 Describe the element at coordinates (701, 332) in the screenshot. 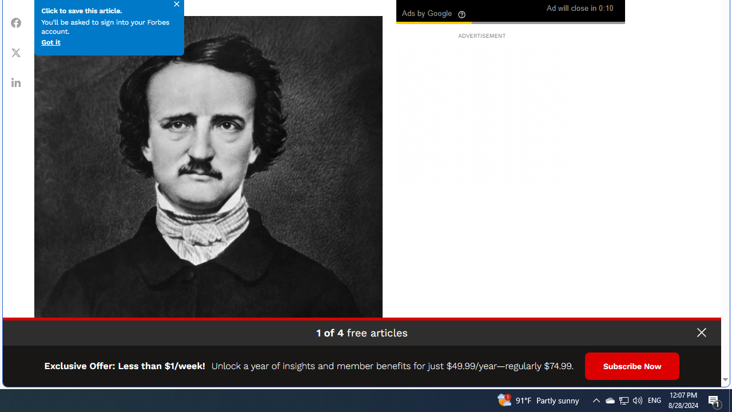

I see `'Class: close-button unbutton'` at that location.